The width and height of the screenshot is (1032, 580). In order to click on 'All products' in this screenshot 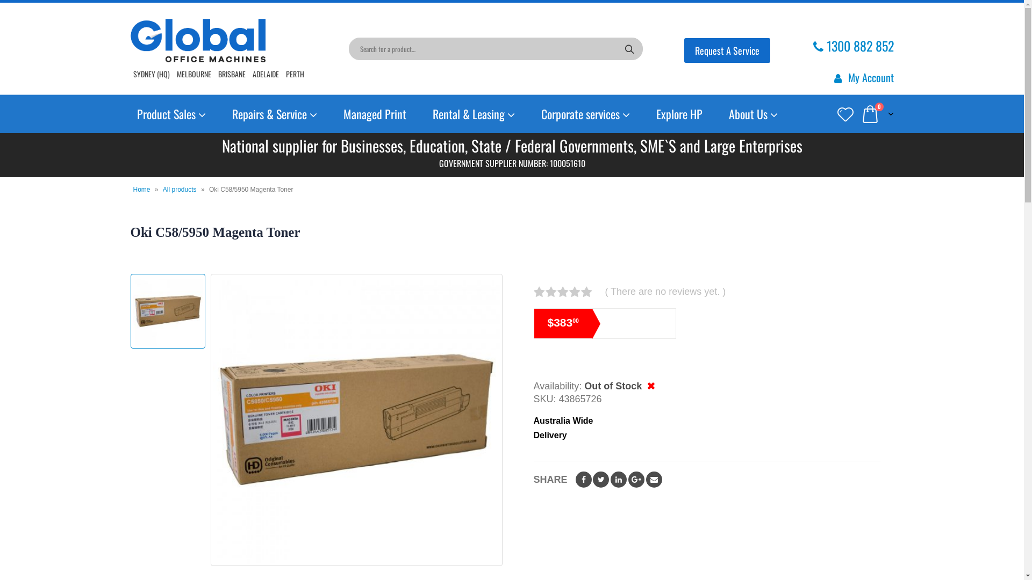, I will do `click(180, 189)`.